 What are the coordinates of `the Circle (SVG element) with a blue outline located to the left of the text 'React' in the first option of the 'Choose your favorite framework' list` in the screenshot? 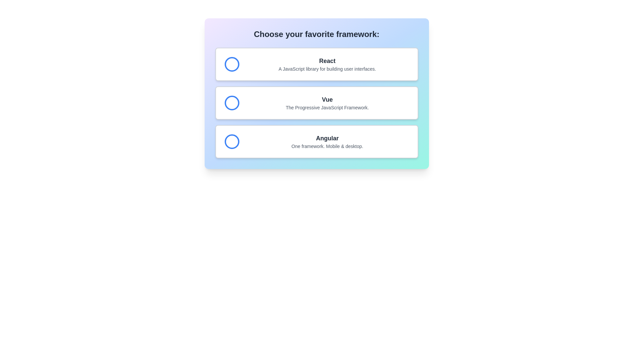 It's located at (232, 64).